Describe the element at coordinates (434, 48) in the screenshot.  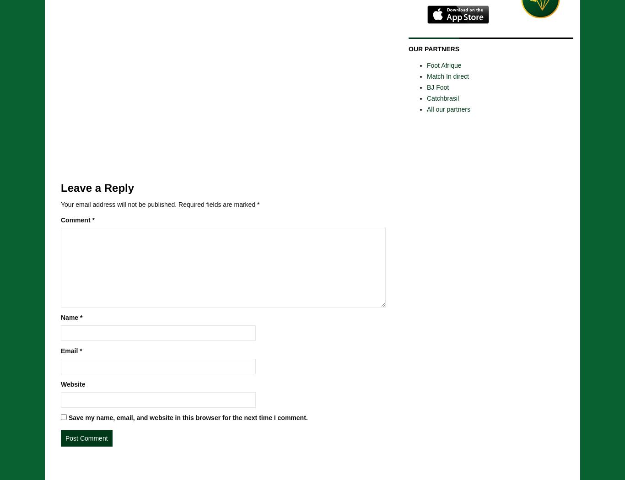
I see `'Our partners'` at that location.